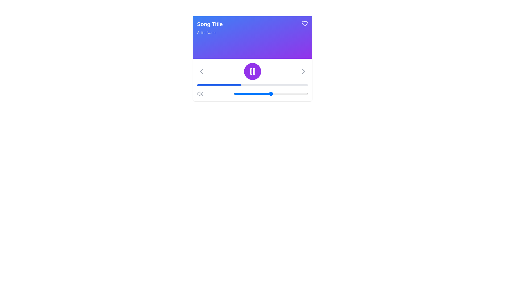  What do you see at coordinates (245, 94) in the screenshot?
I see `the slider value` at bounding box center [245, 94].